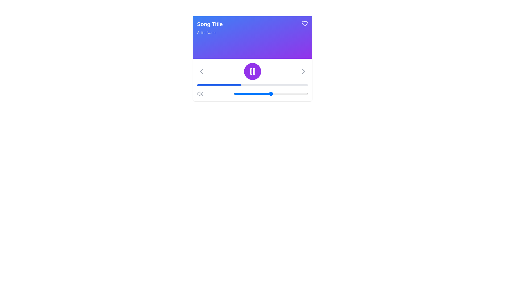  What do you see at coordinates (245, 94) in the screenshot?
I see `the slider value` at bounding box center [245, 94].